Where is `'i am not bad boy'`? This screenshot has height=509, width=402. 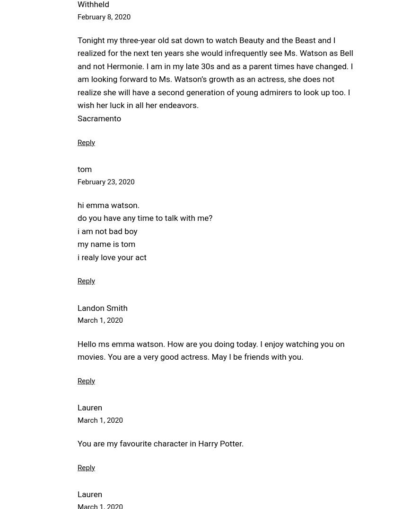
'i am not bad boy' is located at coordinates (107, 230).